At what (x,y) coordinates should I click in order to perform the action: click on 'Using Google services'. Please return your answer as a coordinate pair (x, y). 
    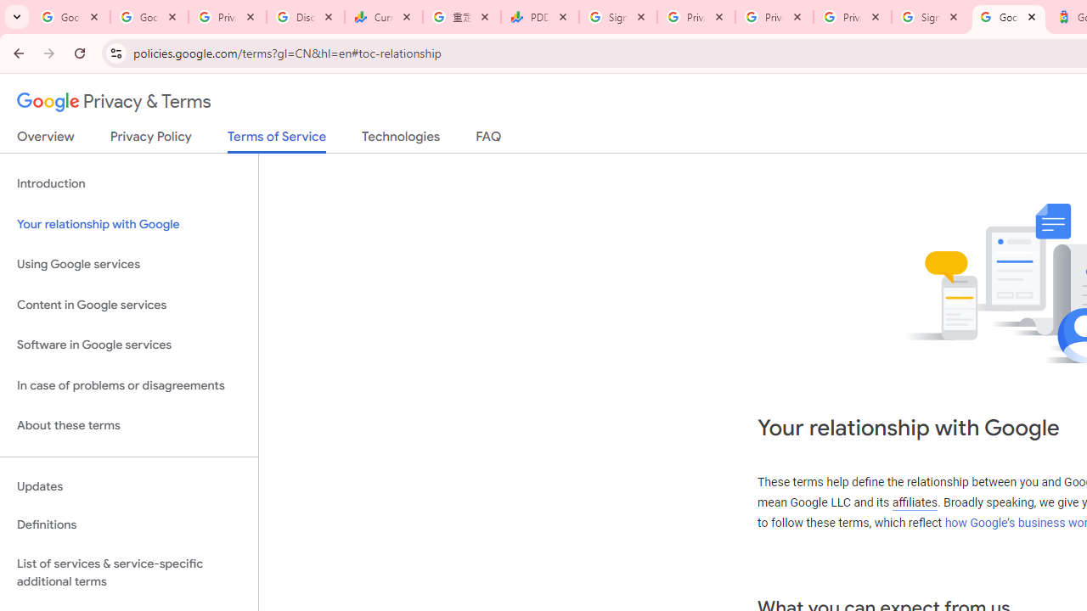
    Looking at the image, I should click on (128, 265).